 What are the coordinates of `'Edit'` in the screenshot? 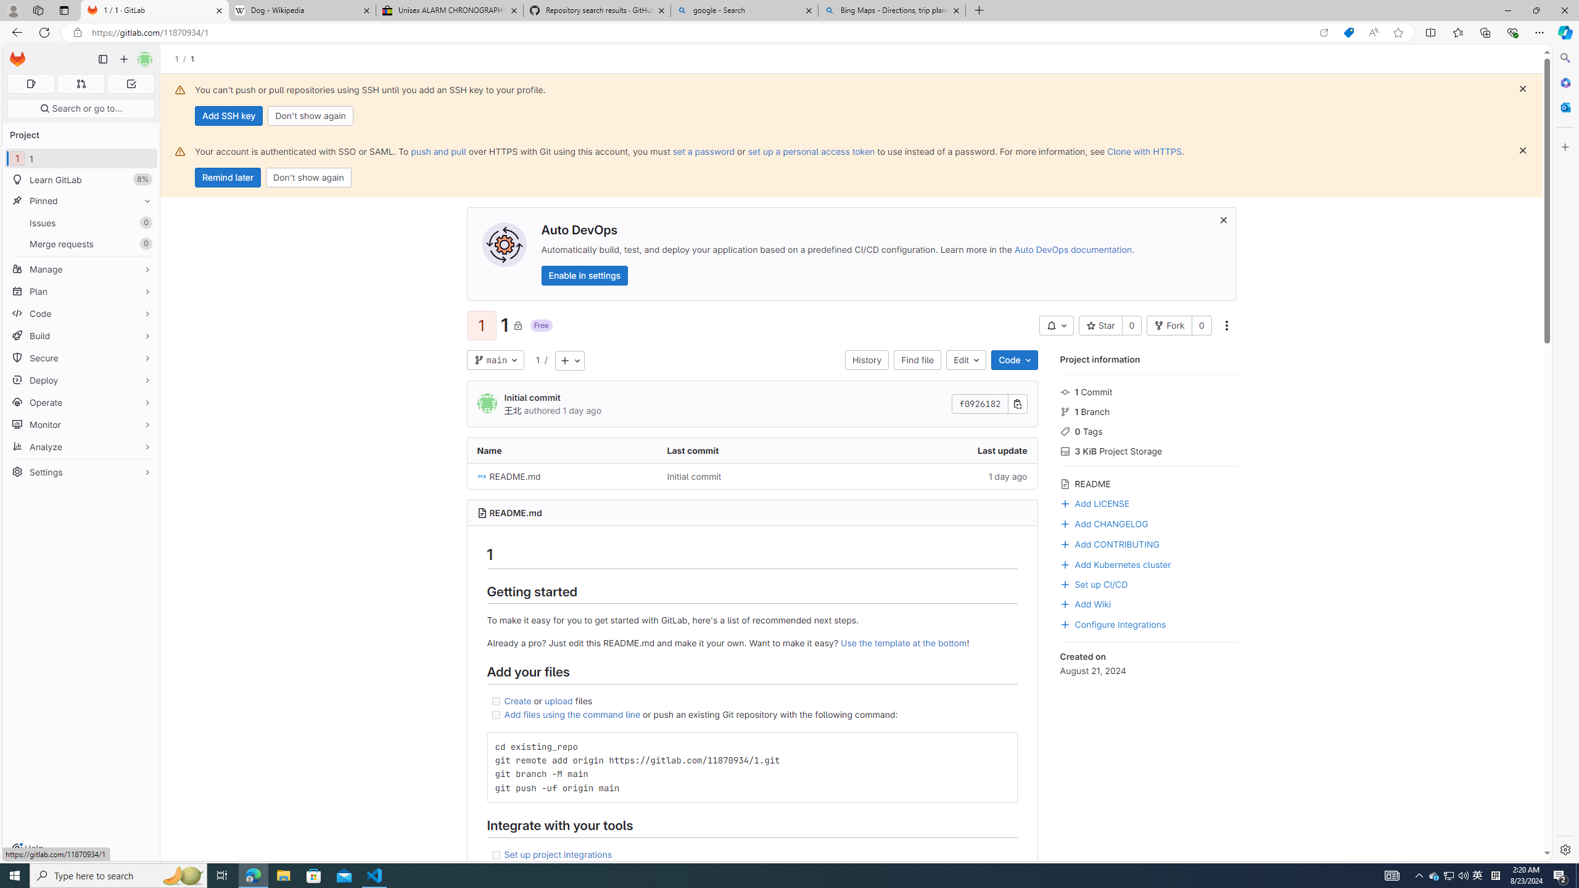 It's located at (965, 359).